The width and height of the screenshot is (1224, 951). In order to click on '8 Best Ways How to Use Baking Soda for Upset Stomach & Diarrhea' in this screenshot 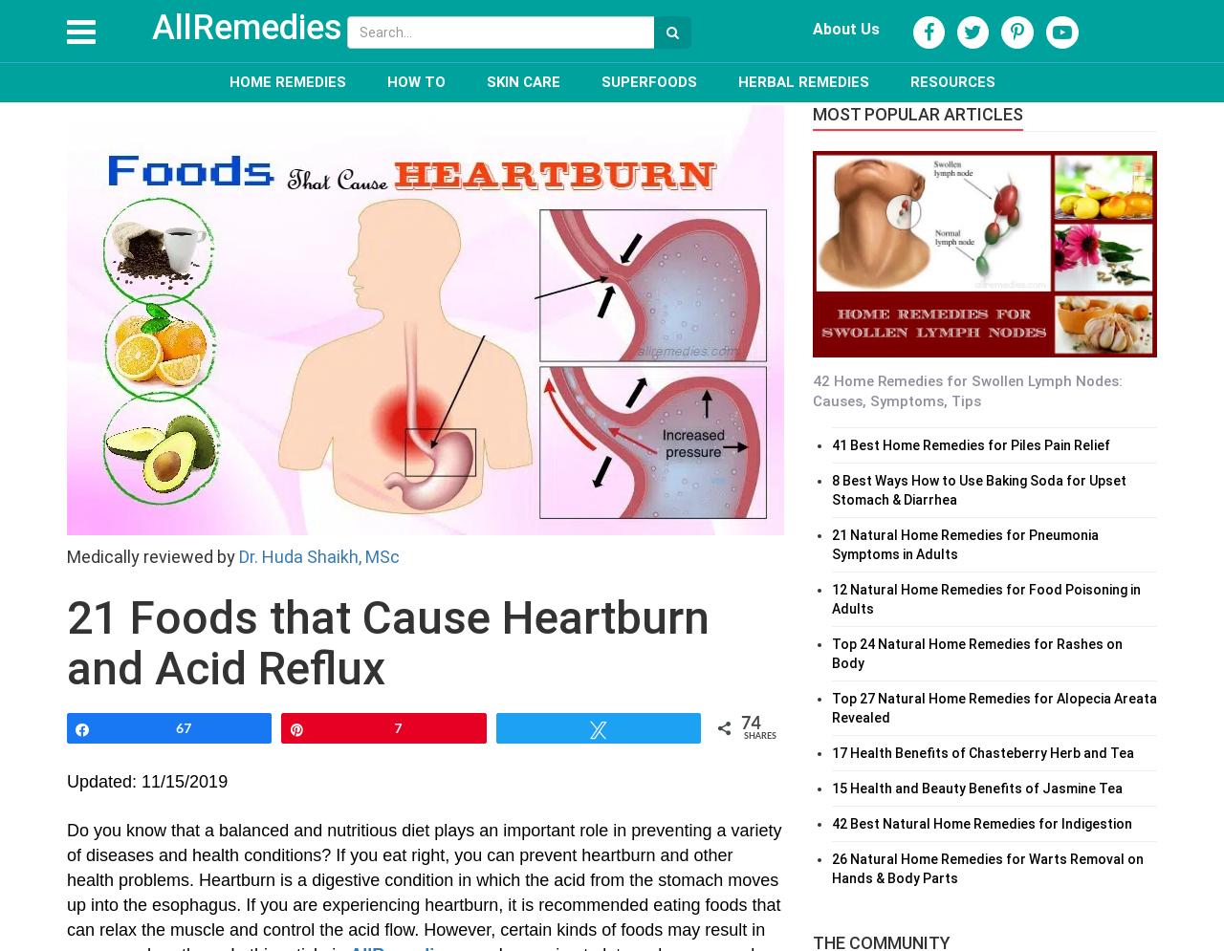, I will do `click(979, 488)`.